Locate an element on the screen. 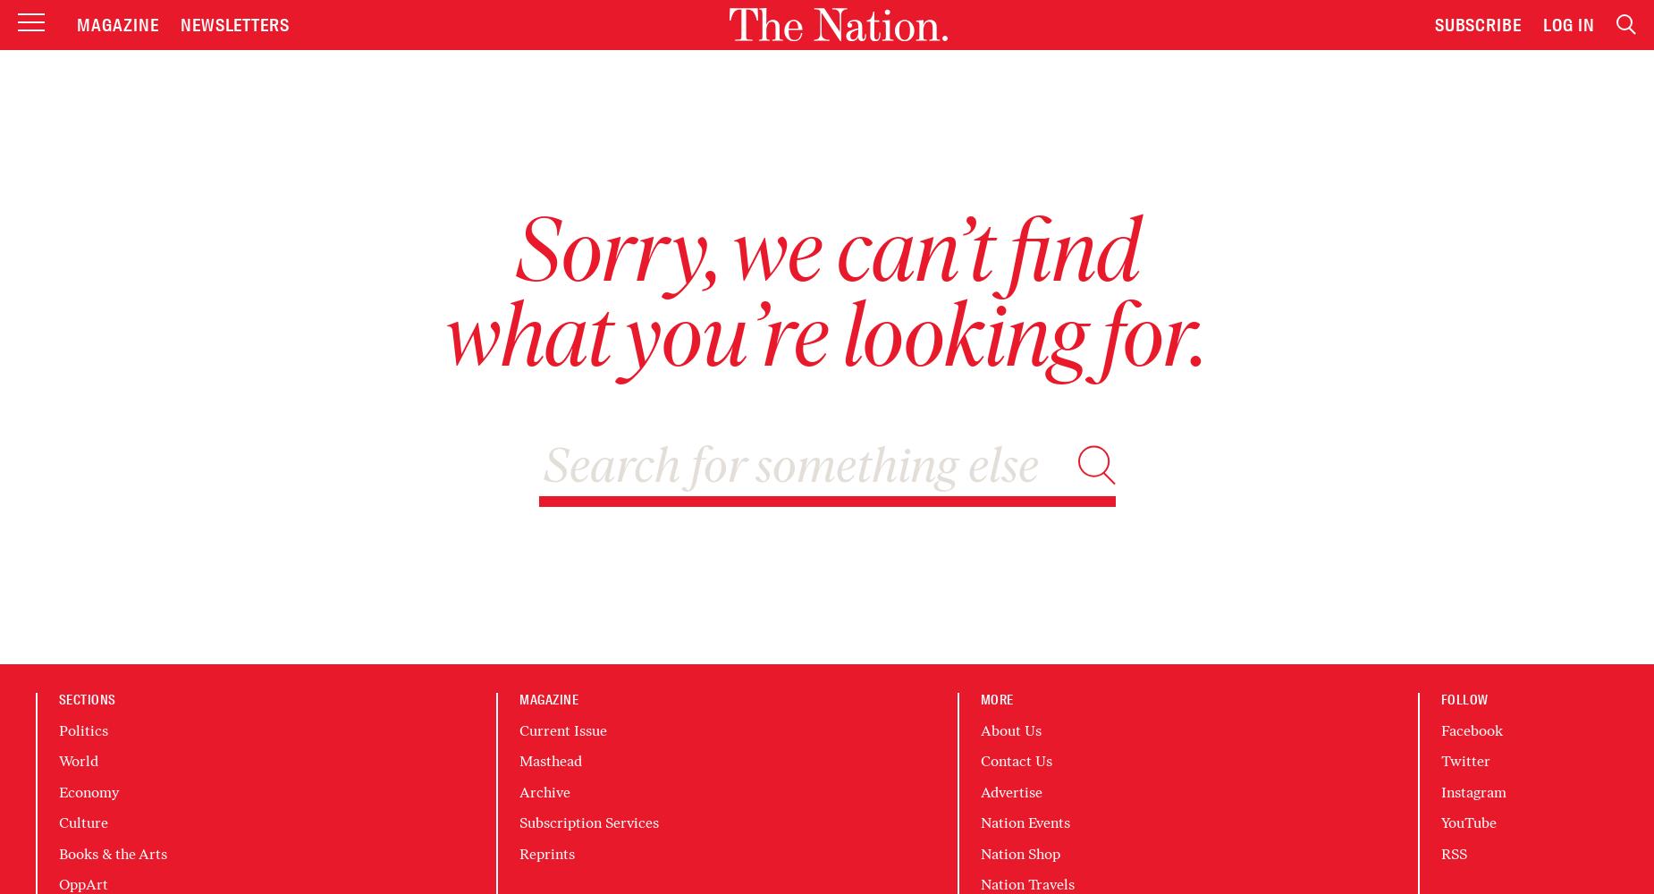 The width and height of the screenshot is (1654, 894). 'Economy' is located at coordinates (88, 791).